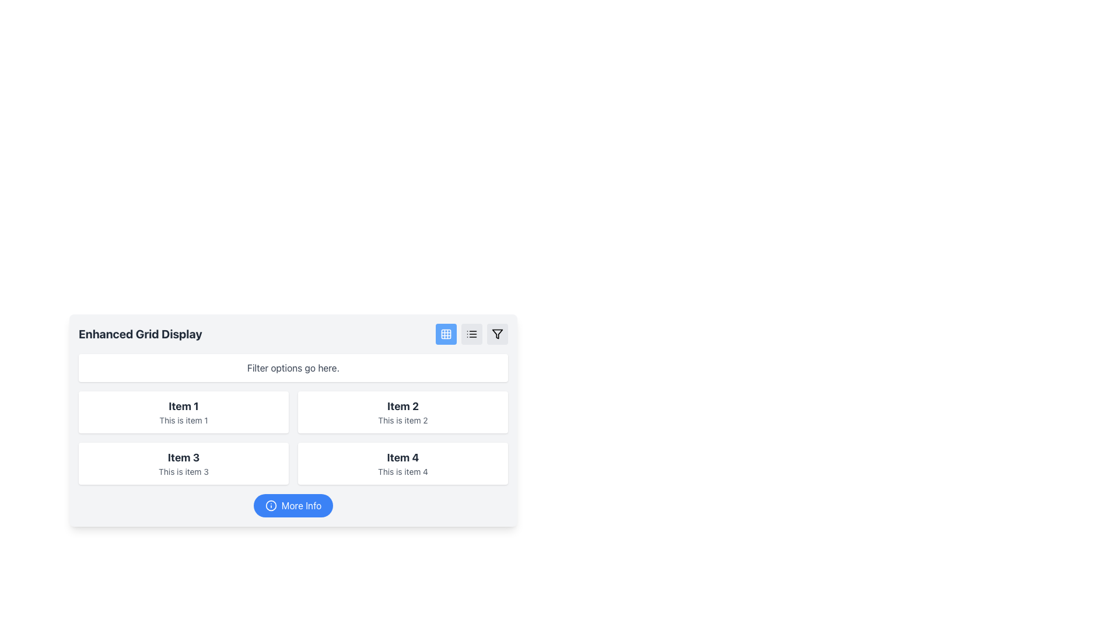 The width and height of the screenshot is (1120, 630). Describe the element at coordinates (403, 471) in the screenshot. I see `the Text Label that reads 'This is item 4', styled with small, gray text, located below the title 'Item 4' in the lower right corner of the four-box grid layout` at that location.